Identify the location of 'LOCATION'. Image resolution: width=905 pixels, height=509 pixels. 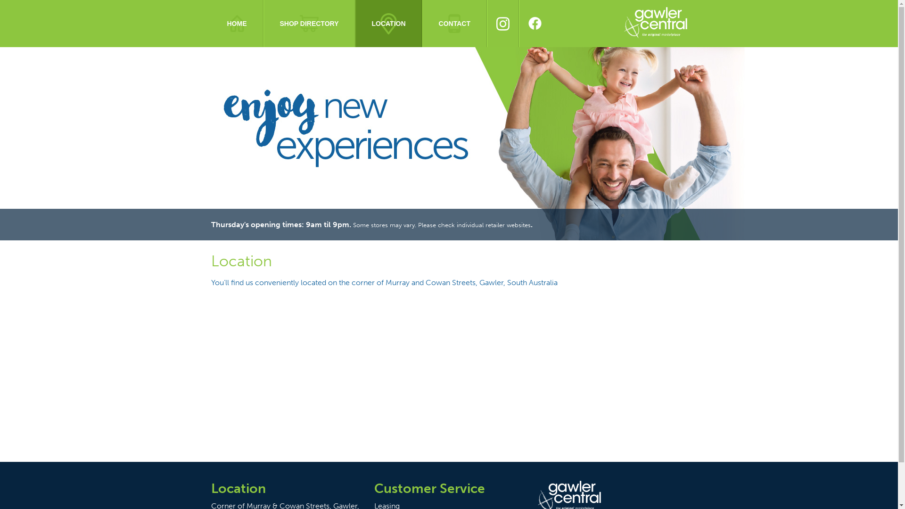
(389, 23).